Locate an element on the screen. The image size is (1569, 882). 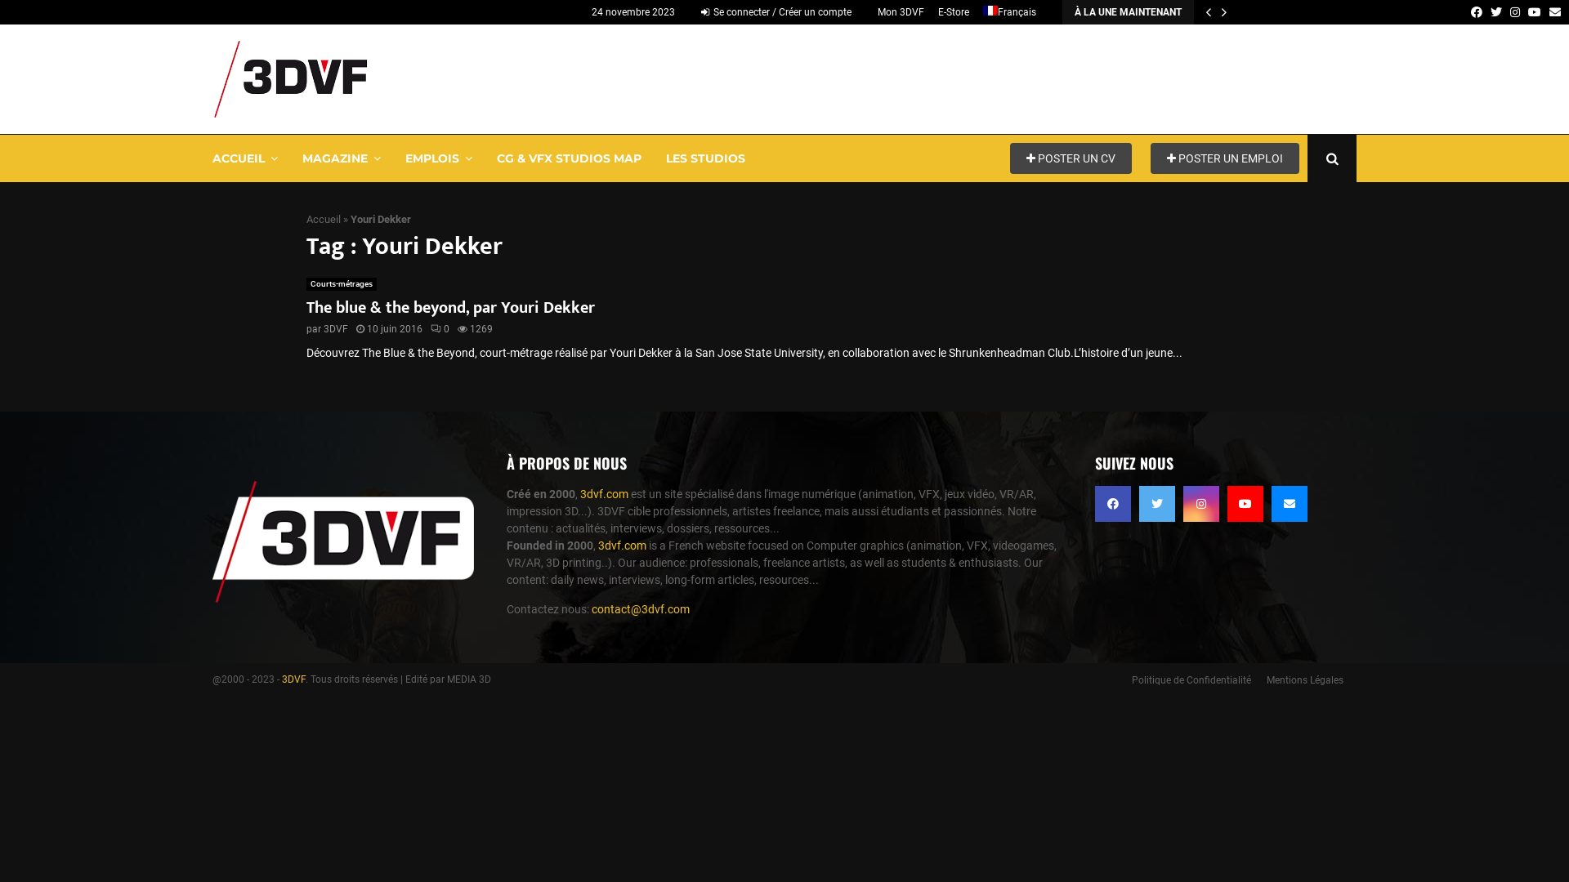
'10 juin 2016' is located at coordinates (366, 328).